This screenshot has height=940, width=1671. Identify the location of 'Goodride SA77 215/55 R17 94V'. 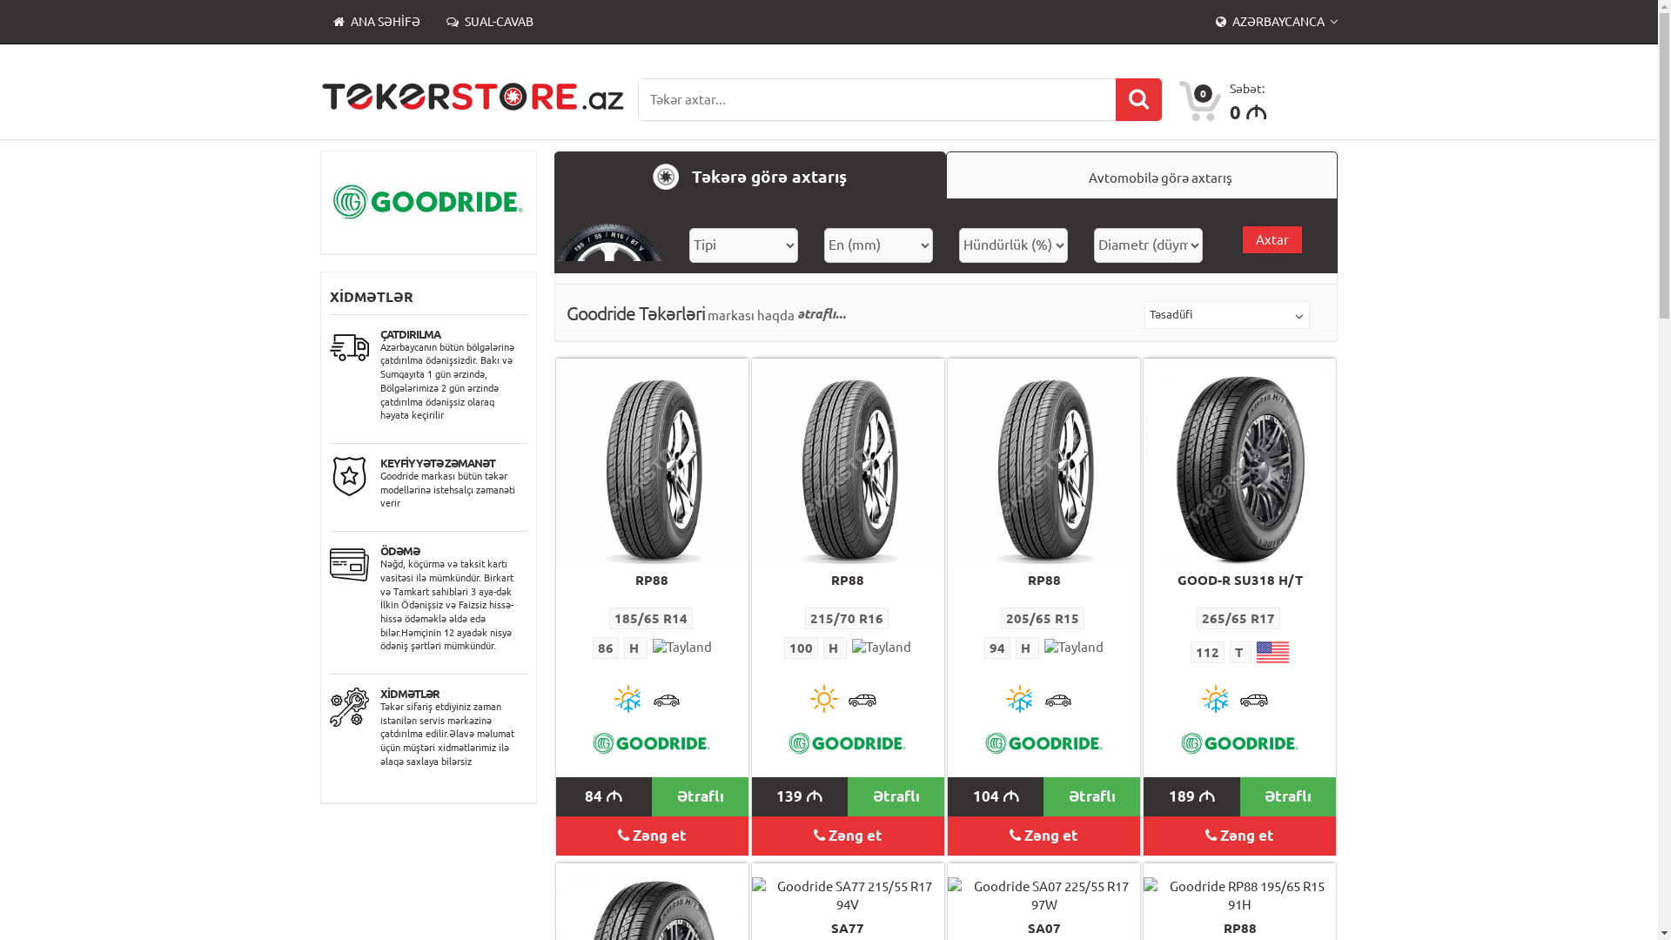
(848, 896).